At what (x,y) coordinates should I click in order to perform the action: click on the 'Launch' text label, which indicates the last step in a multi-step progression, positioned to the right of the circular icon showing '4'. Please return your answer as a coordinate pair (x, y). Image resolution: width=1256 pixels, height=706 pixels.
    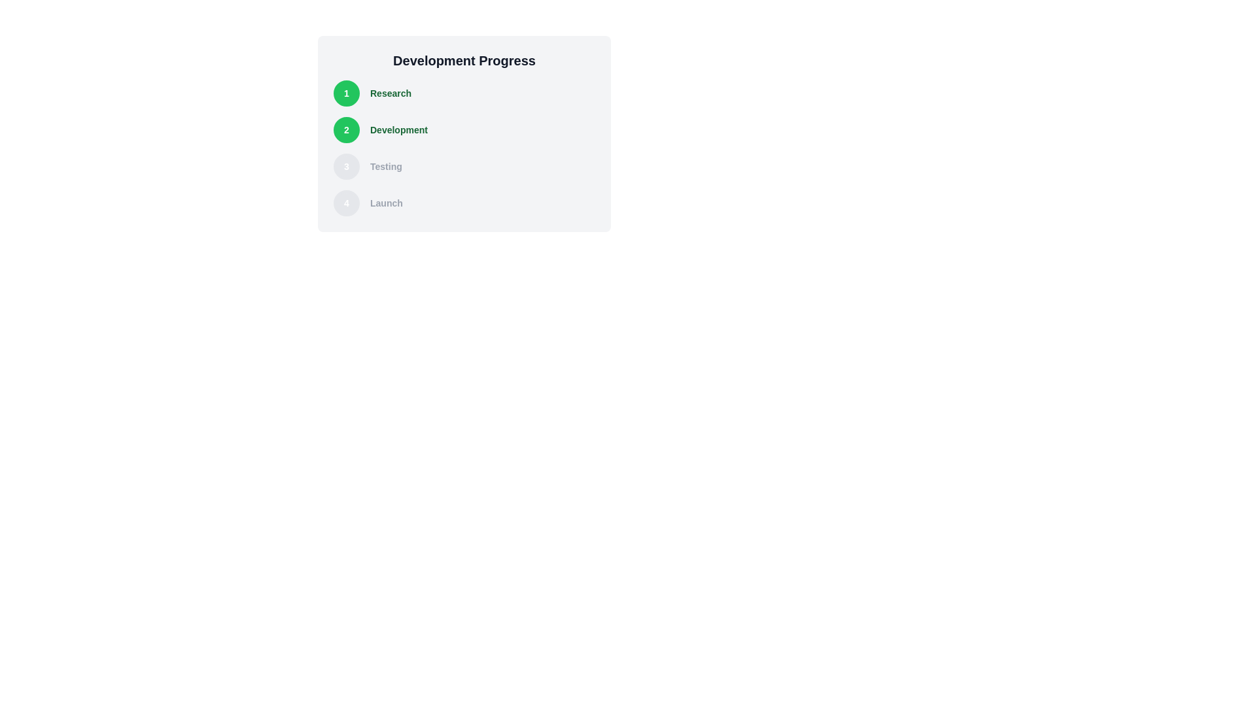
    Looking at the image, I should click on (385, 203).